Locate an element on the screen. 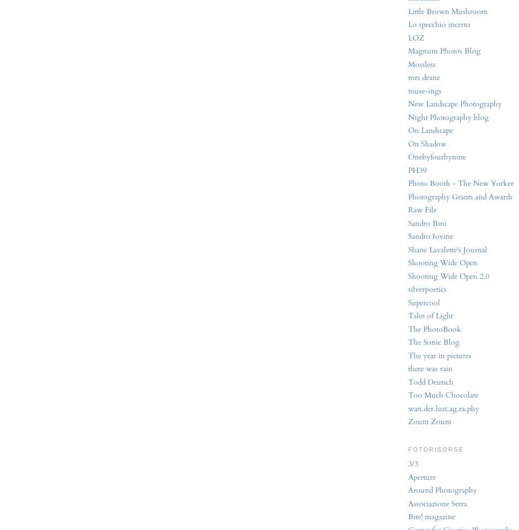 The height and width of the screenshot is (530, 519). 'Little Brown Mushroom' is located at coordinates (448, 10).